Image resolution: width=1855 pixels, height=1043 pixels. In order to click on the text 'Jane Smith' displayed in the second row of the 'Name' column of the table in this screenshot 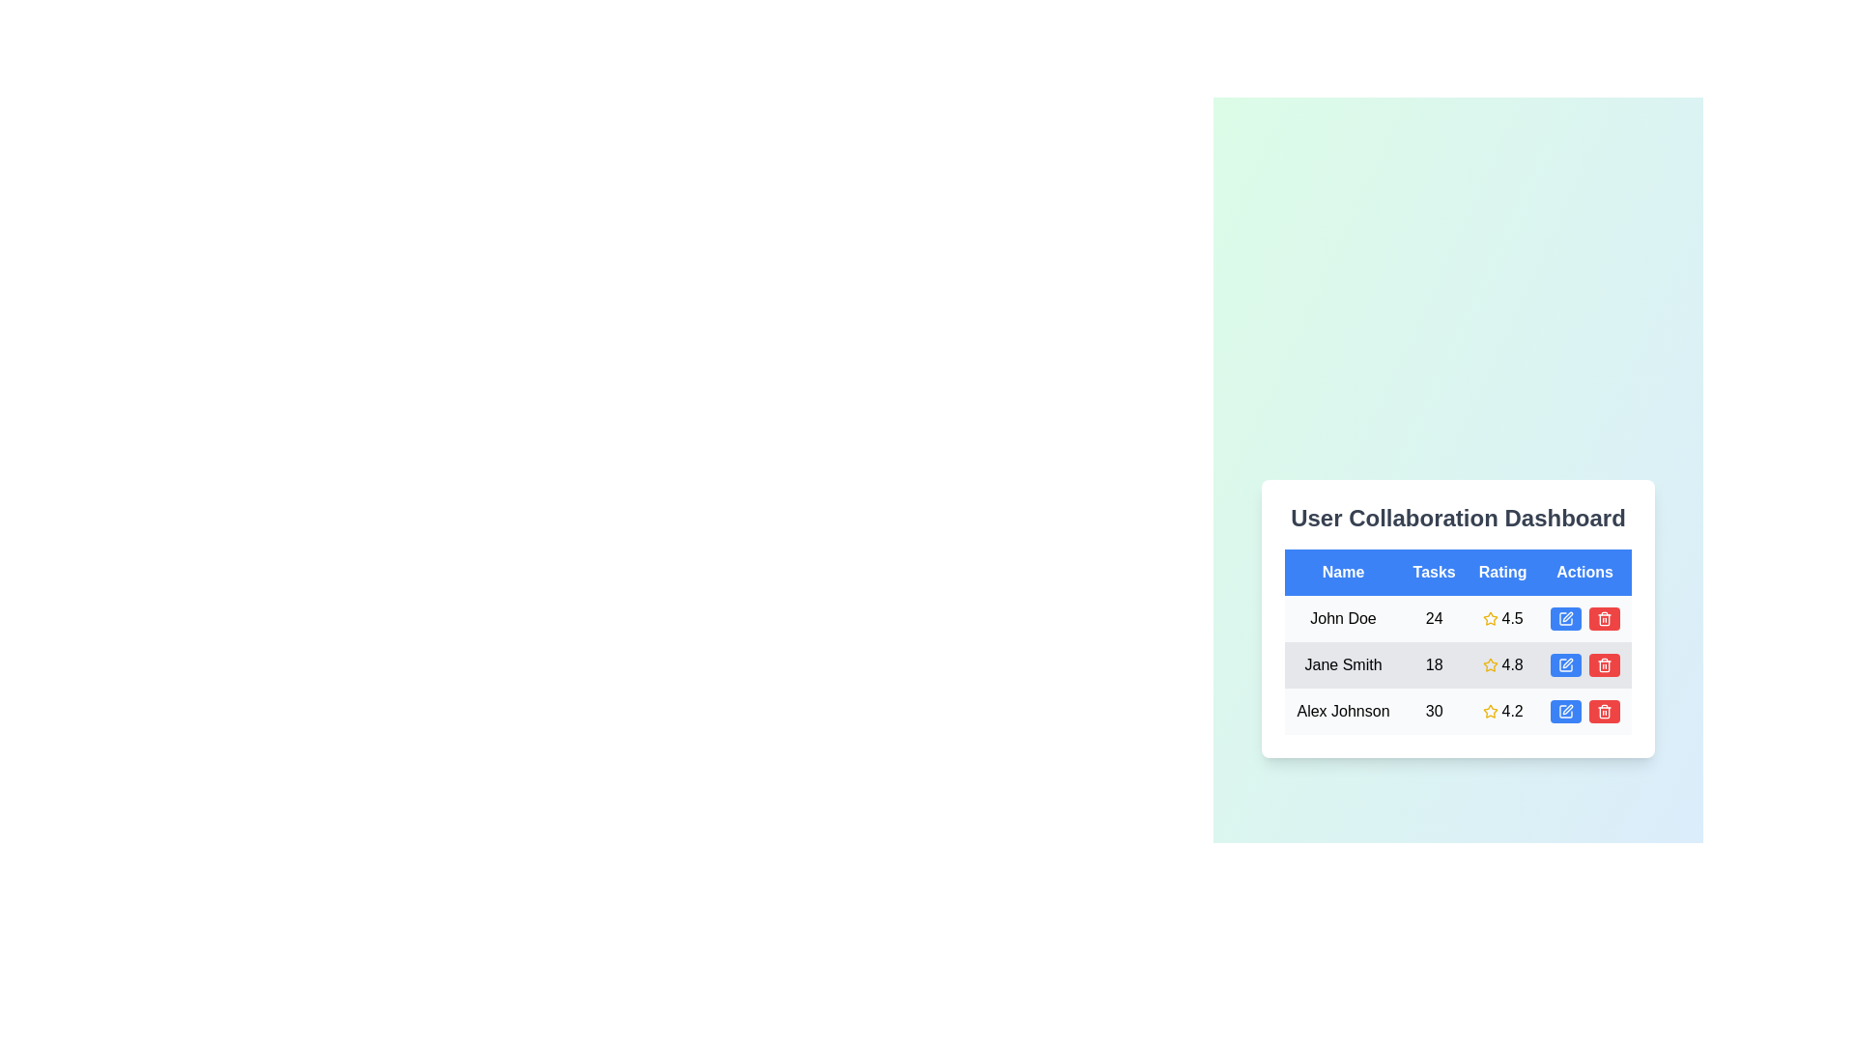, I will do `click(1342, 664)`.